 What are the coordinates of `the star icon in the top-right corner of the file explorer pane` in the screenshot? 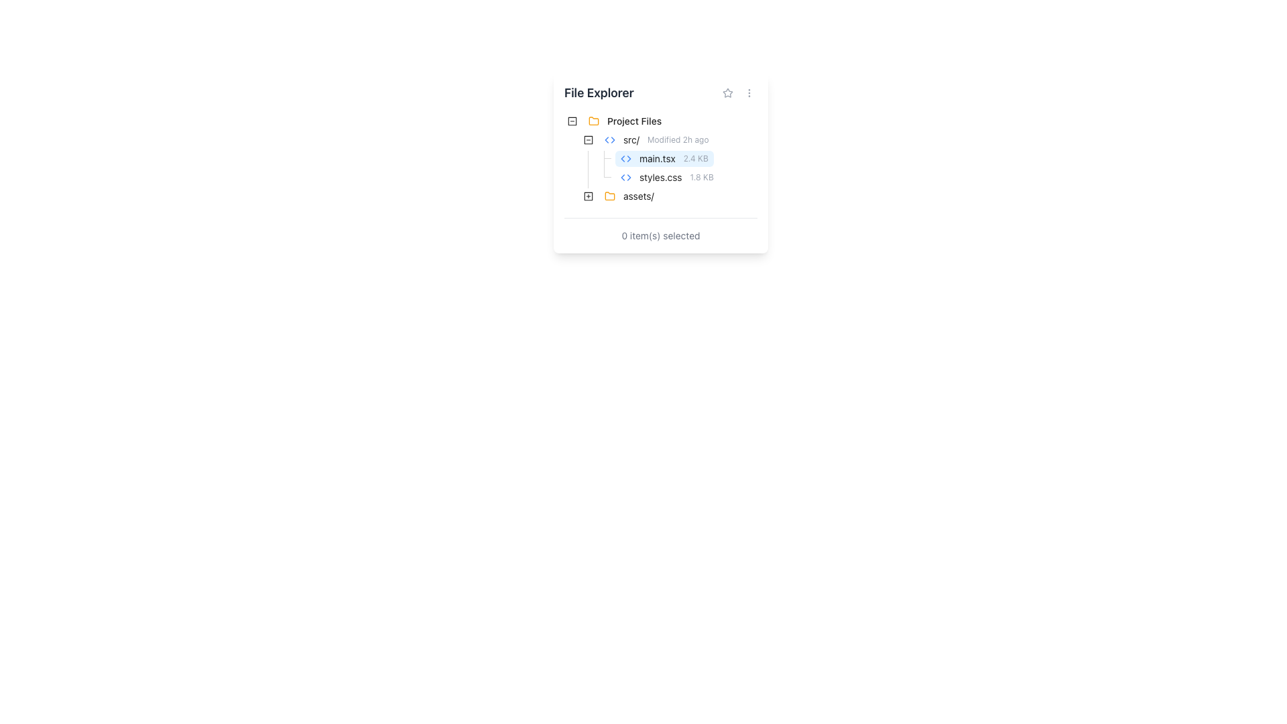 It's located at (727, 92).